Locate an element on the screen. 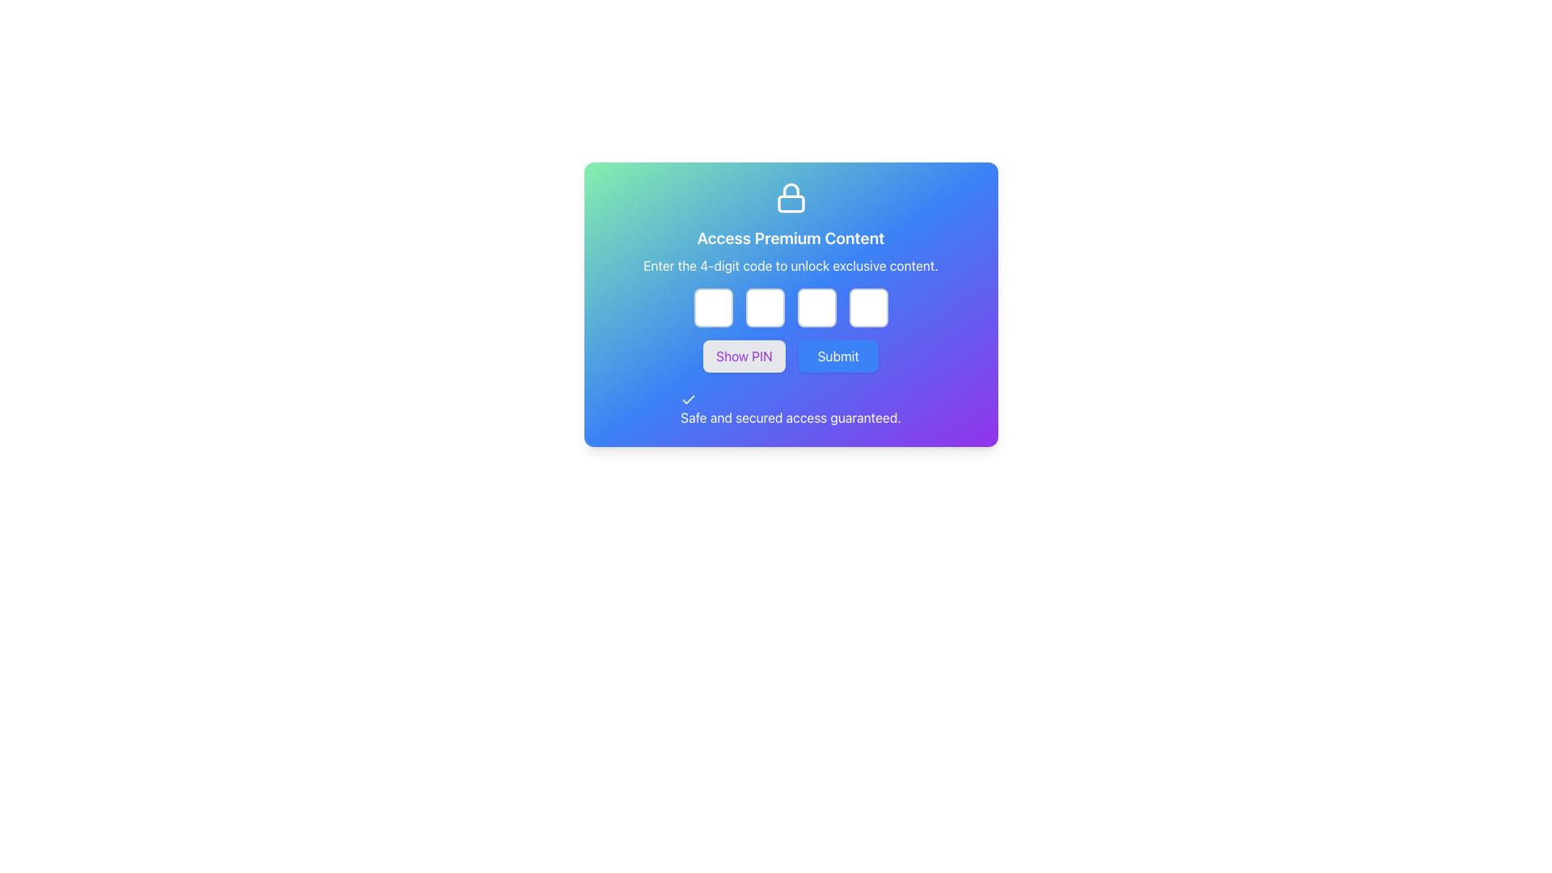 The image size is (1552, 873). the 'Show PIN' button, which is a rectangular button with rounded corners, light gray background, and purple text is located at coordinates (743, 355).